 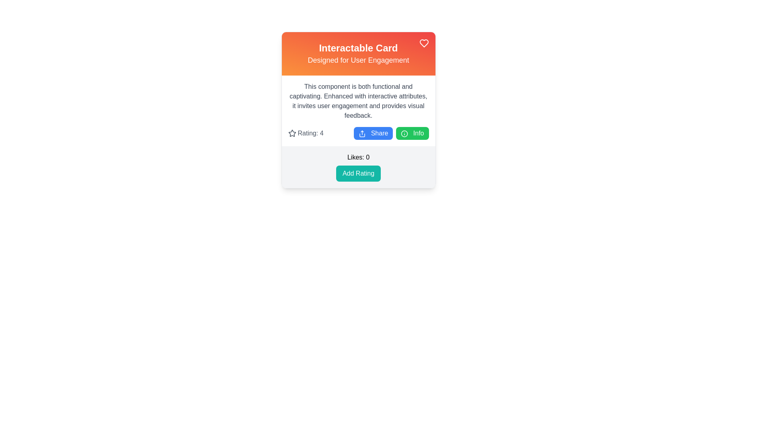 I want to click on the Decorative Card Header labeled 'Interactable Card', which features a gradient background and a heart icon in the top-right corner, so click(x=358, y=54).